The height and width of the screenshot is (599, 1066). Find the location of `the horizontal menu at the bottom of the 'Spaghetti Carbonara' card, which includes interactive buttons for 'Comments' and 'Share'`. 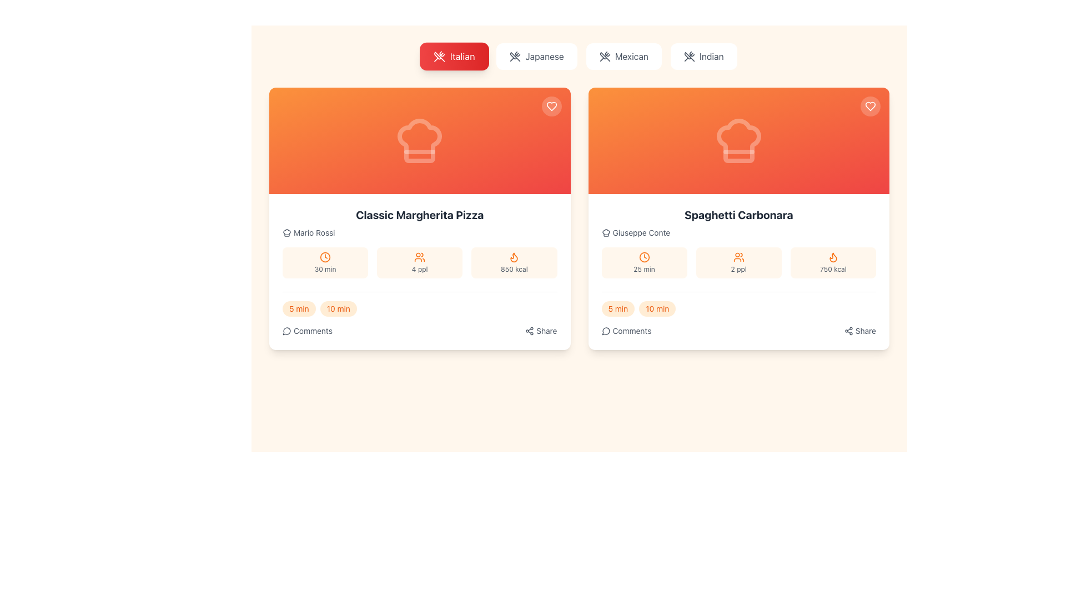

the horizontal menu at the bottom of the 'Spaghetti Carbonara' card, which includes interactive buttons for 'Comments' and 'Share' is located at coordinates (738, 331).